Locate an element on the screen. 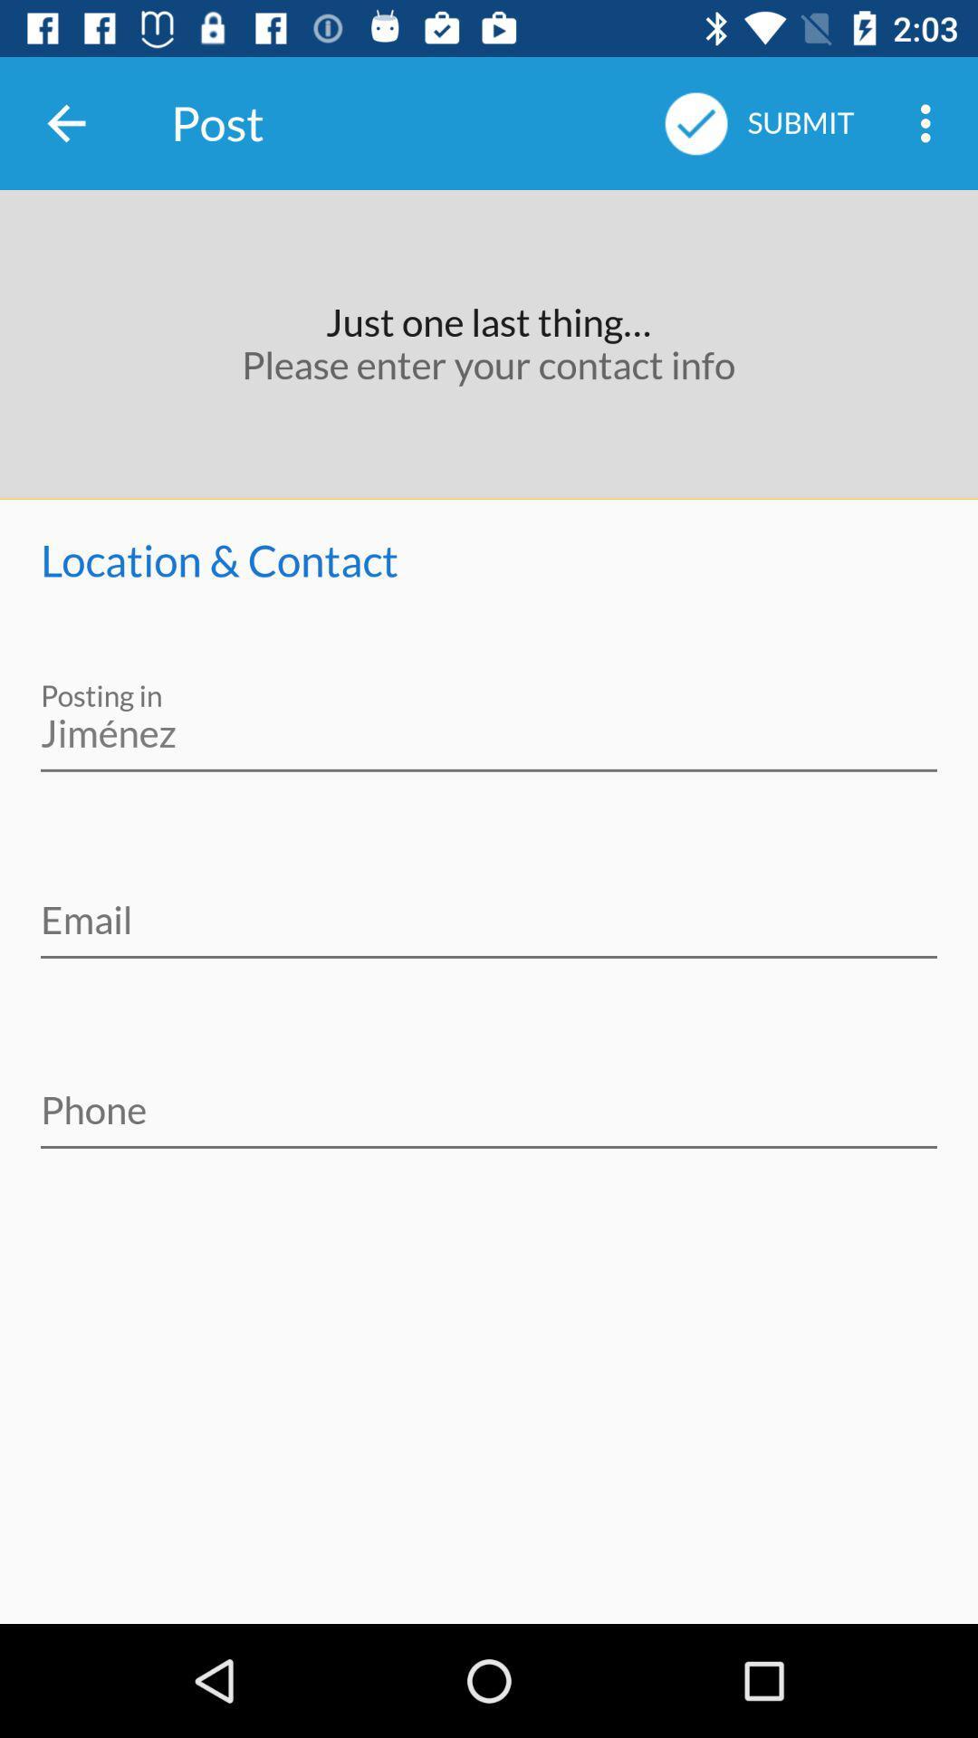 The width and height of the screenshot is (978, 1738). phone number is located at coordinates (489, 1097).